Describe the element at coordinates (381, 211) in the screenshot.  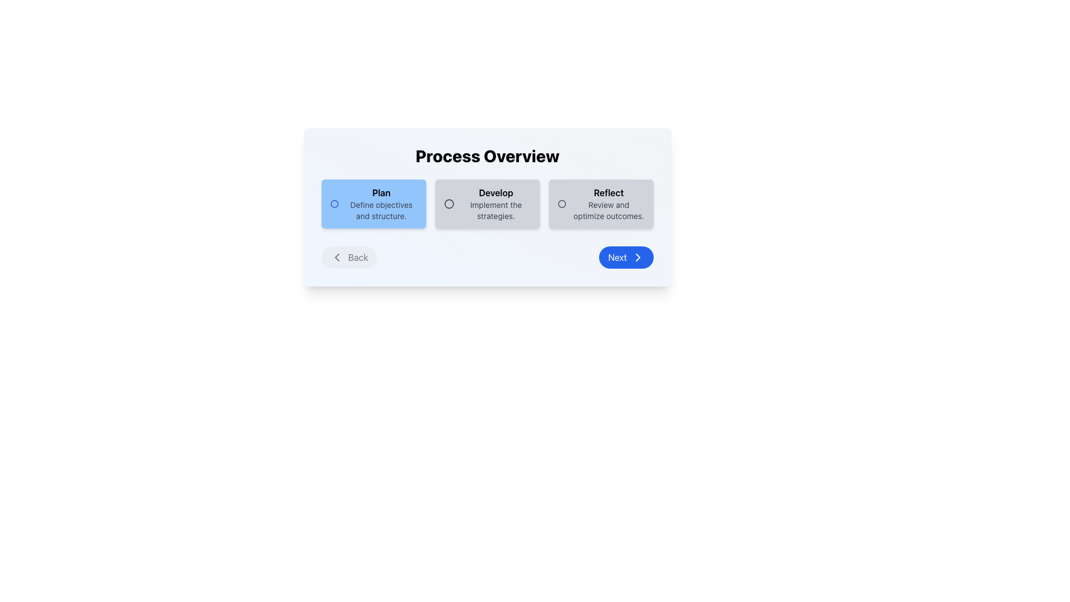
I see `the informational Text label located underneath the bold title 'Plan' in the first navigation card of the stepper` at that location.